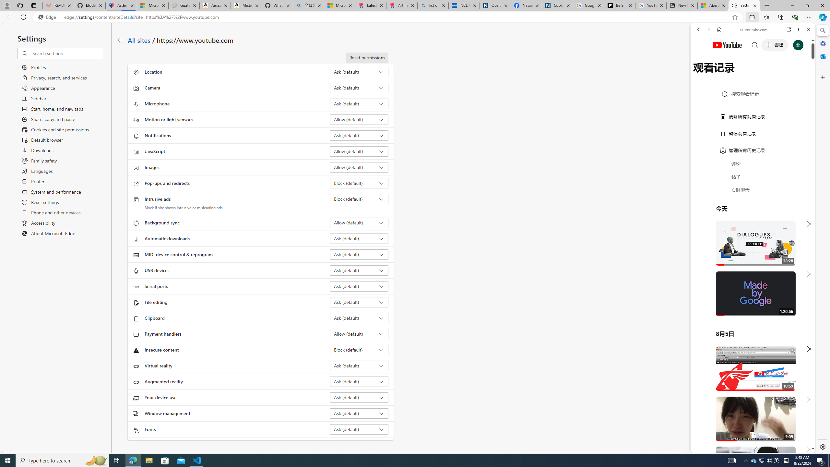 This screenshot has height=467, width=830. What do you see at coordinates (359, 238) in the screenshot?
I see `'Automatic downloads Ask (default)'` at bounding box center [359, 238].